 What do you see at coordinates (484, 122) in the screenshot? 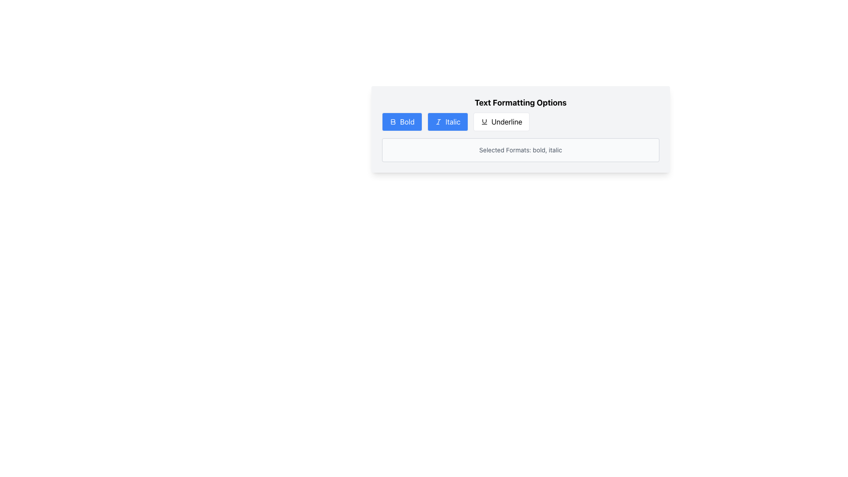
I see `the underline icon located within the button labeled 'Underline', which is the third button in the horizontal row of formatting options under 'Text Formatting Options'` at bounding box center [484, 122].